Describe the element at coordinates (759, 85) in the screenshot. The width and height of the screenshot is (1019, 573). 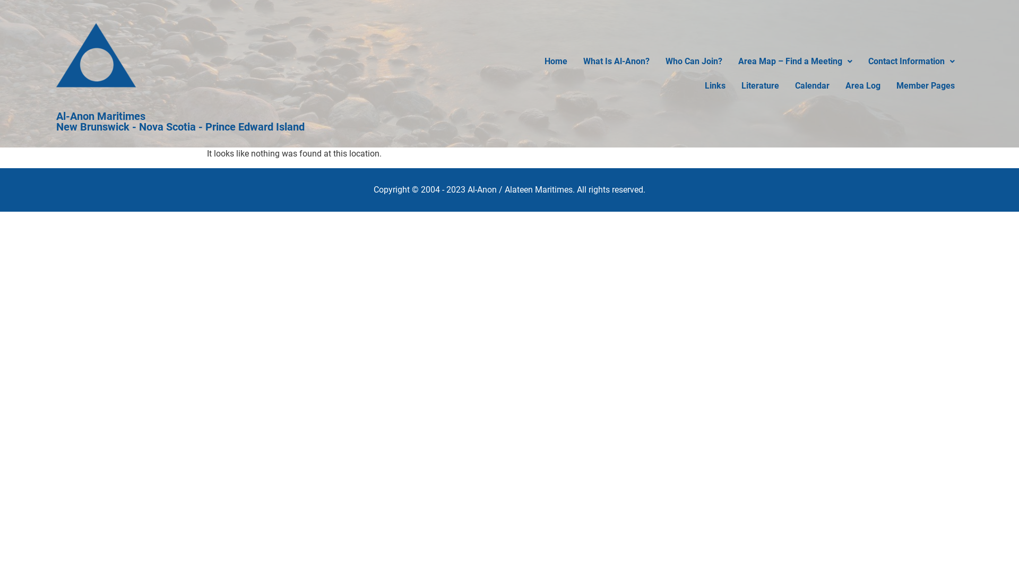
I see `'Literature'` at that location.